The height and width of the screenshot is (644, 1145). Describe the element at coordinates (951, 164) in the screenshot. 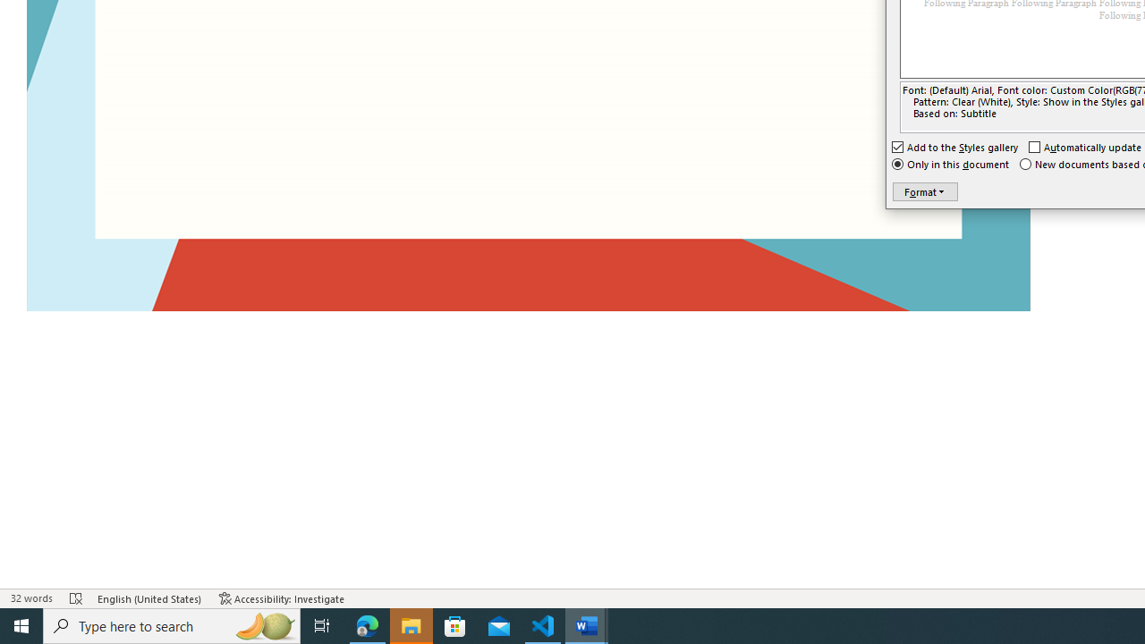

I see `'Only in this document'` at that location.